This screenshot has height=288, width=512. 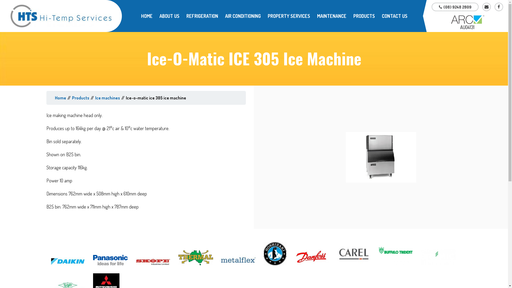 I want to click on 'products', so click(x=80, y=98).